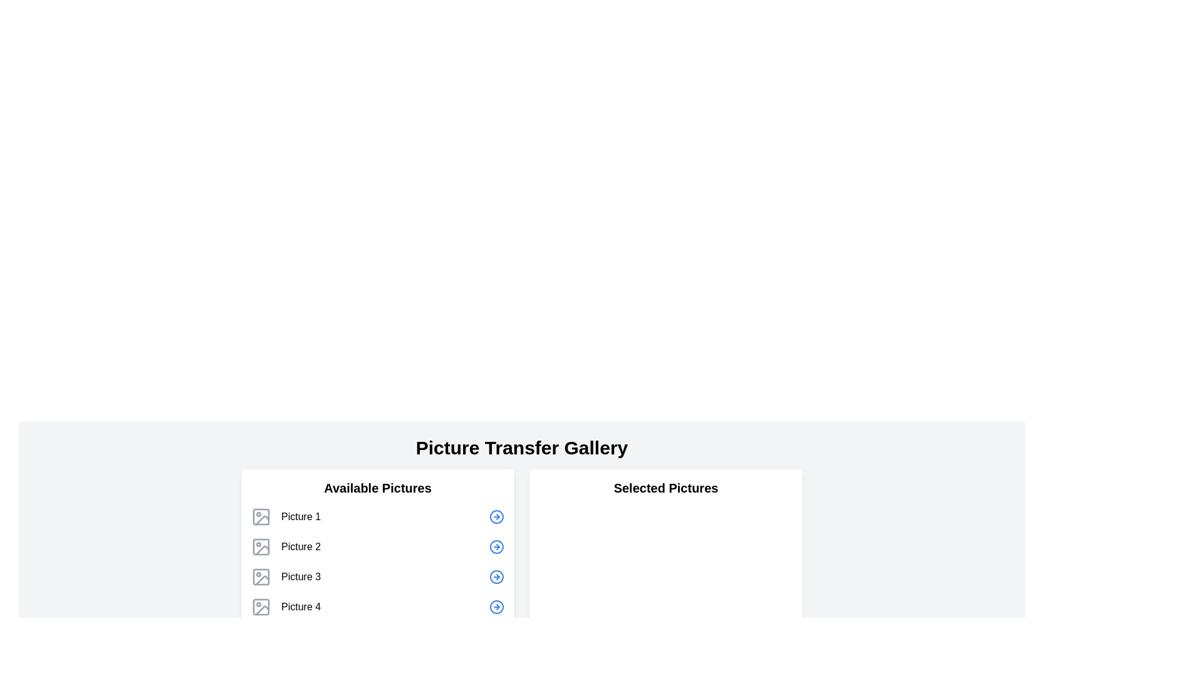  What do you see at coordinates (261, 516) in the screenshot?
I see `the small rectangular shape within the image placeholder icon in the 'Available Pictures' section of the 'Picture Transfer Gallery'` at bounding box center [261, 516].